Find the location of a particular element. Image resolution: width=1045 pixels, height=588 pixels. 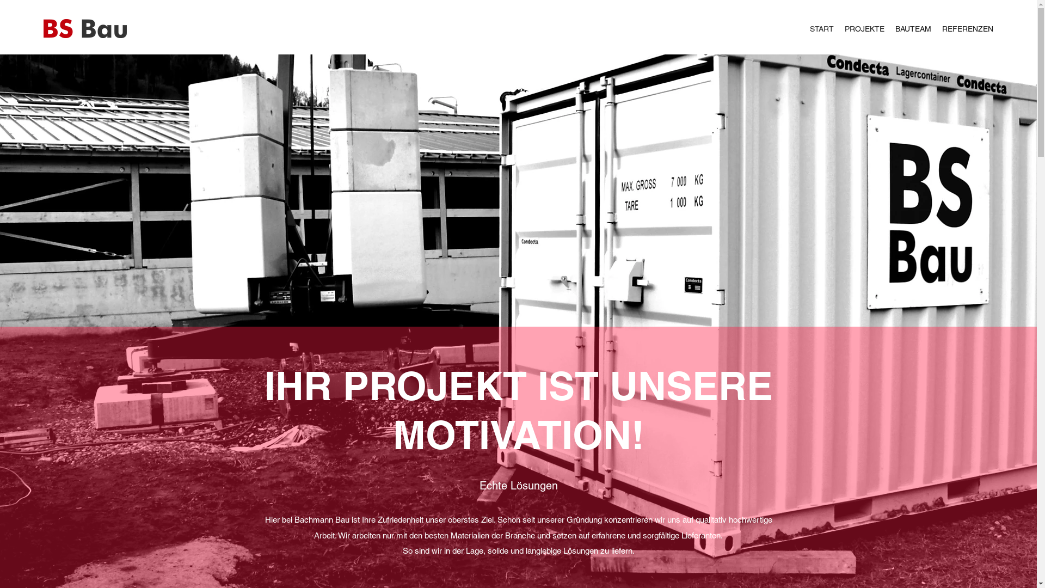

'START' is located at coordinates (822, 28).